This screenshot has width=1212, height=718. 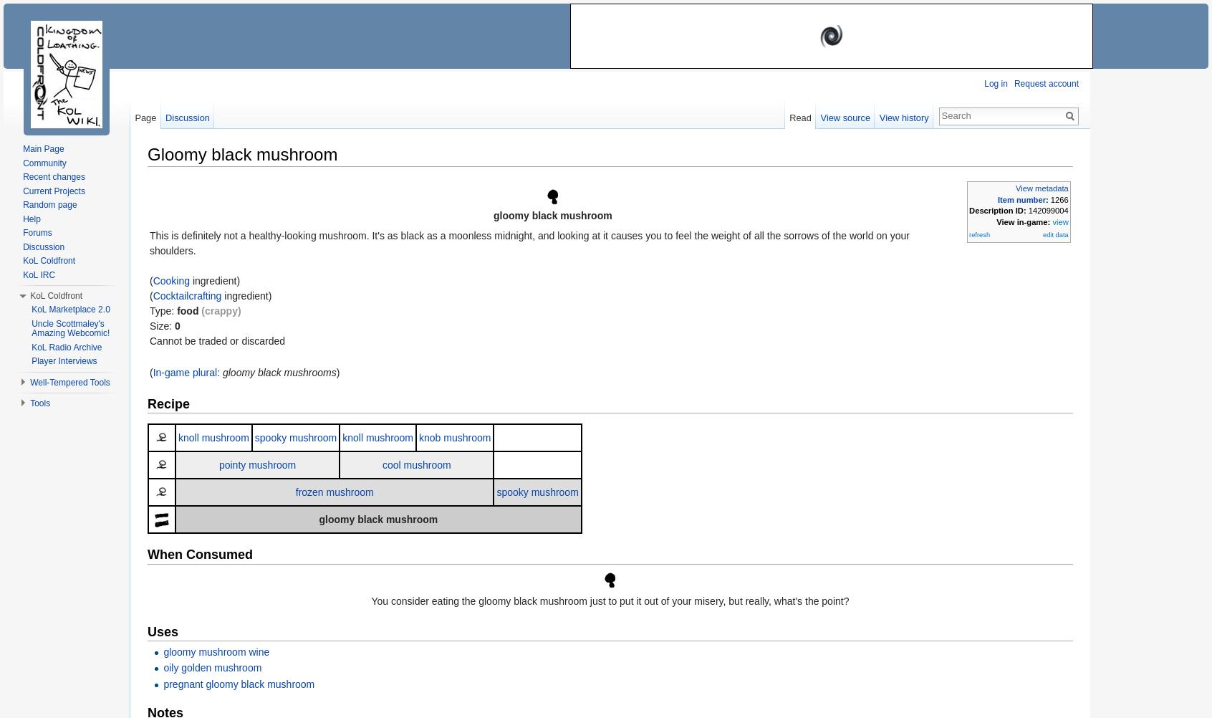 I want to click on 'View in-game:', so click(x=996, y=221).